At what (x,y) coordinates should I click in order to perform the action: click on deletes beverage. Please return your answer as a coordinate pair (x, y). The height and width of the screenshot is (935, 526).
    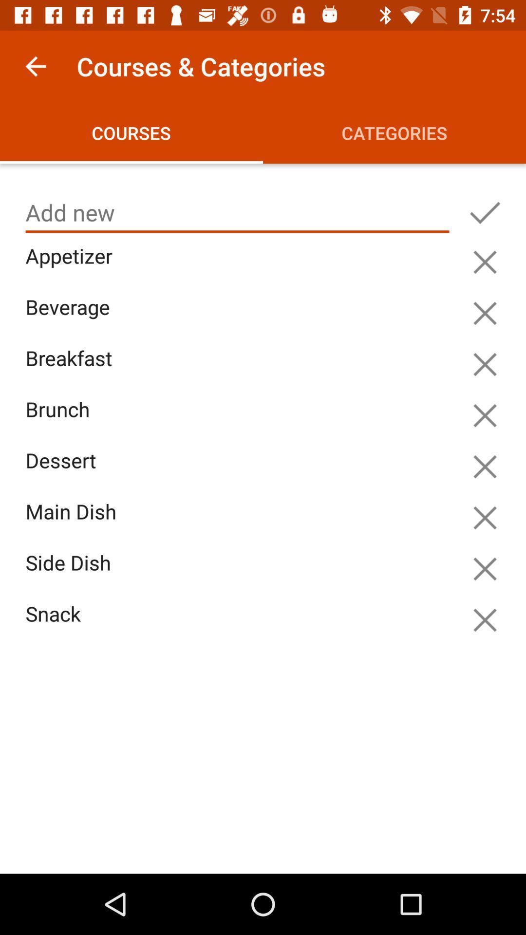
    Looking at the image, I should click on (485, 313).